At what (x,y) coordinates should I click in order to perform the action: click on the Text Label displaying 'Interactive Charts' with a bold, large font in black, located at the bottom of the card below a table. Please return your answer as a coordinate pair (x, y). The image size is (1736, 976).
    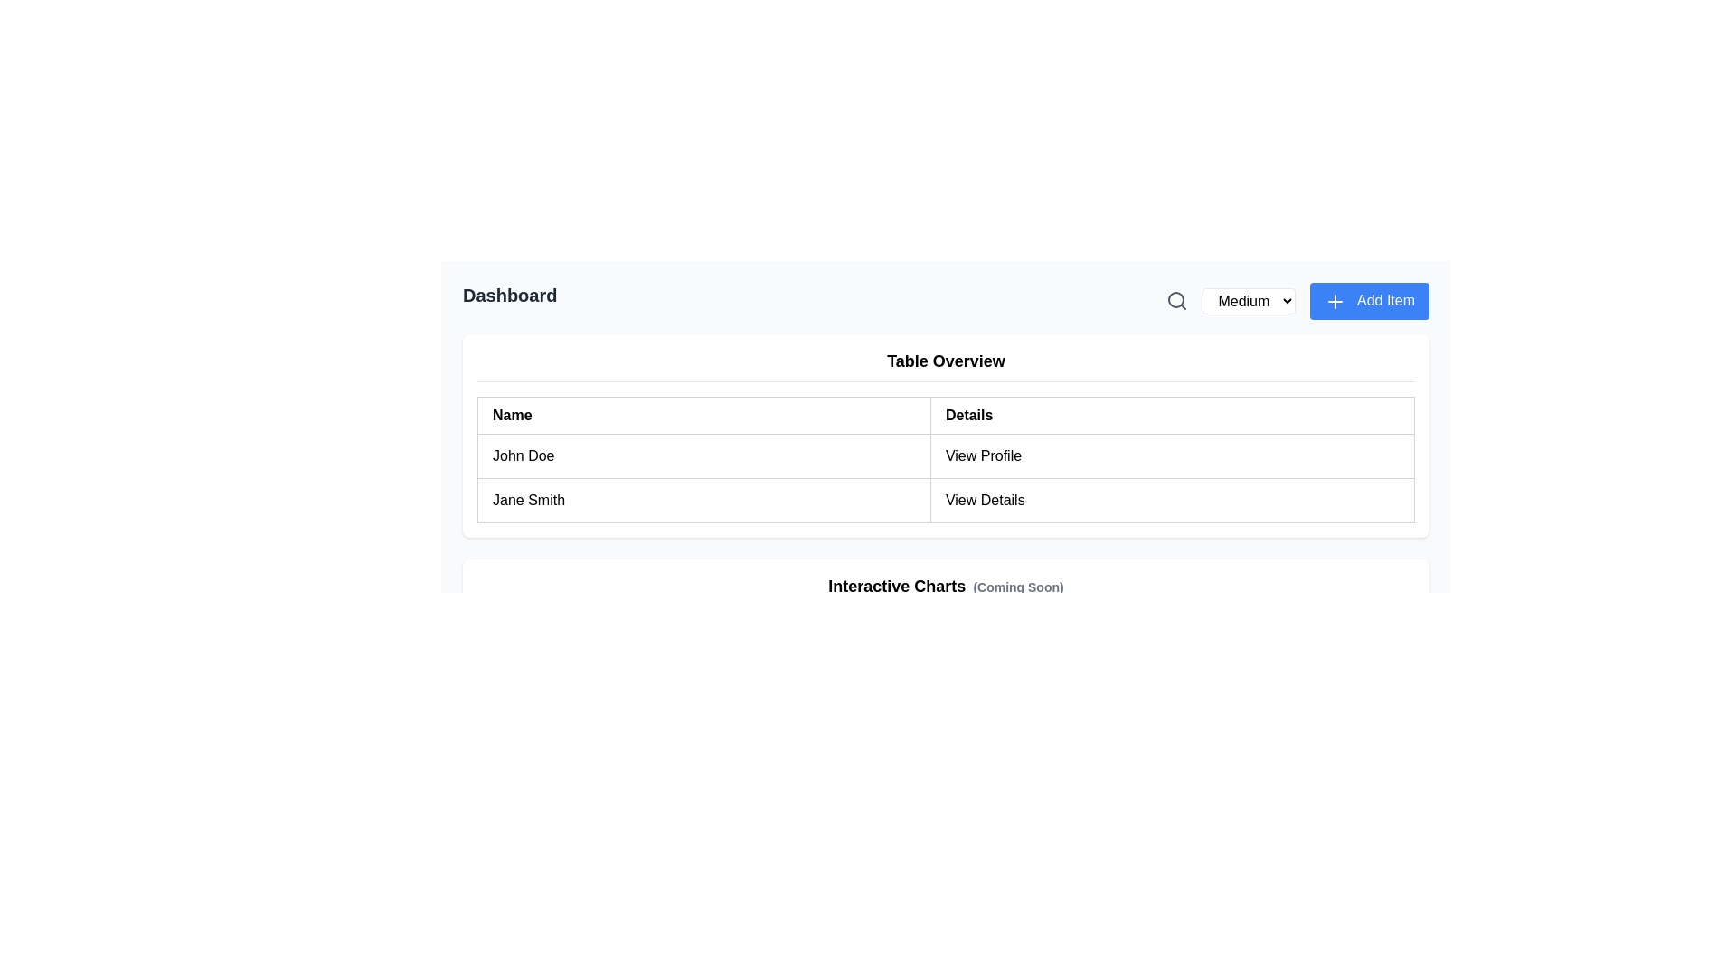
    Looking at the image, I should click on (945, 586).